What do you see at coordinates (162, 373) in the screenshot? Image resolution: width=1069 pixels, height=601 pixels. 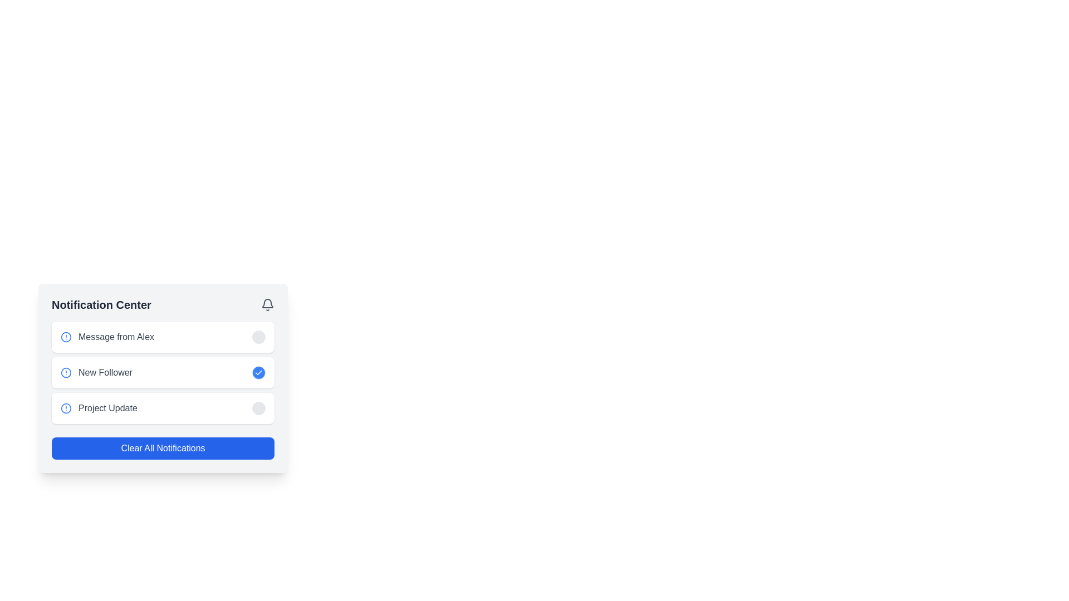 I see `the blue rounded button with a check mark on the 'New Follower' notification to mark it as read` at bounding box center [162, 373].